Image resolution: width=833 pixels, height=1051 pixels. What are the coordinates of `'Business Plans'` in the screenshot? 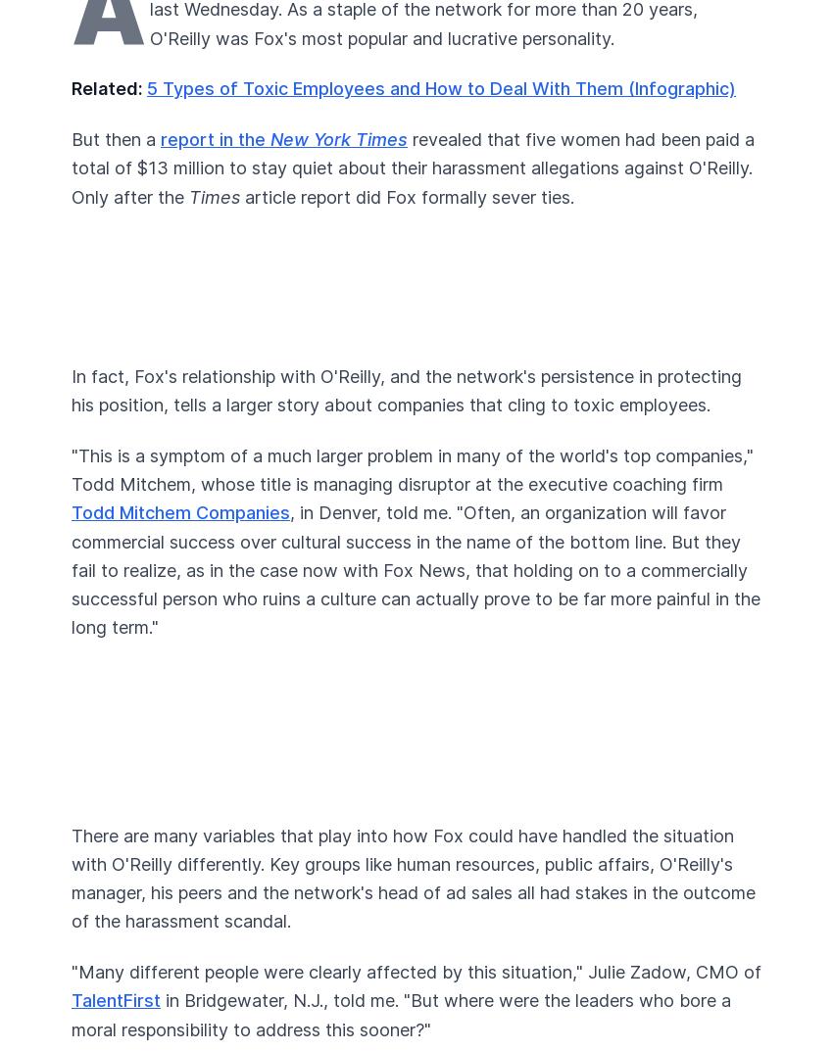 It's located at (130, 404).